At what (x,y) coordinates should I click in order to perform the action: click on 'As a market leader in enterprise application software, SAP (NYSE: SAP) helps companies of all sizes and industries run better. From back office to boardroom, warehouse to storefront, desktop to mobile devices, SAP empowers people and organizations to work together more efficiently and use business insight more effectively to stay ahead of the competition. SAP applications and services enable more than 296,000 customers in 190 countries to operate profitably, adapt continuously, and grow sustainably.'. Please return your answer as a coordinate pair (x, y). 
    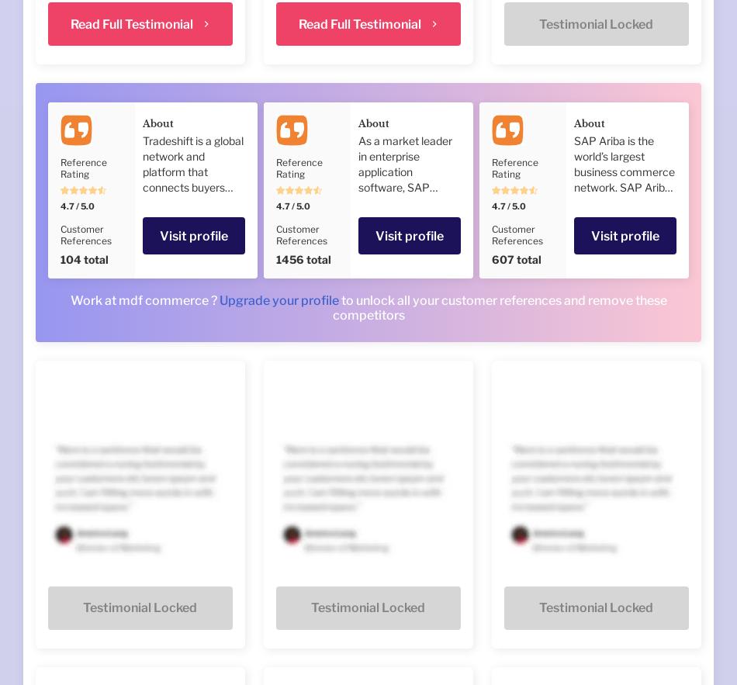
    Looking at the image, I should click on (408, 365).